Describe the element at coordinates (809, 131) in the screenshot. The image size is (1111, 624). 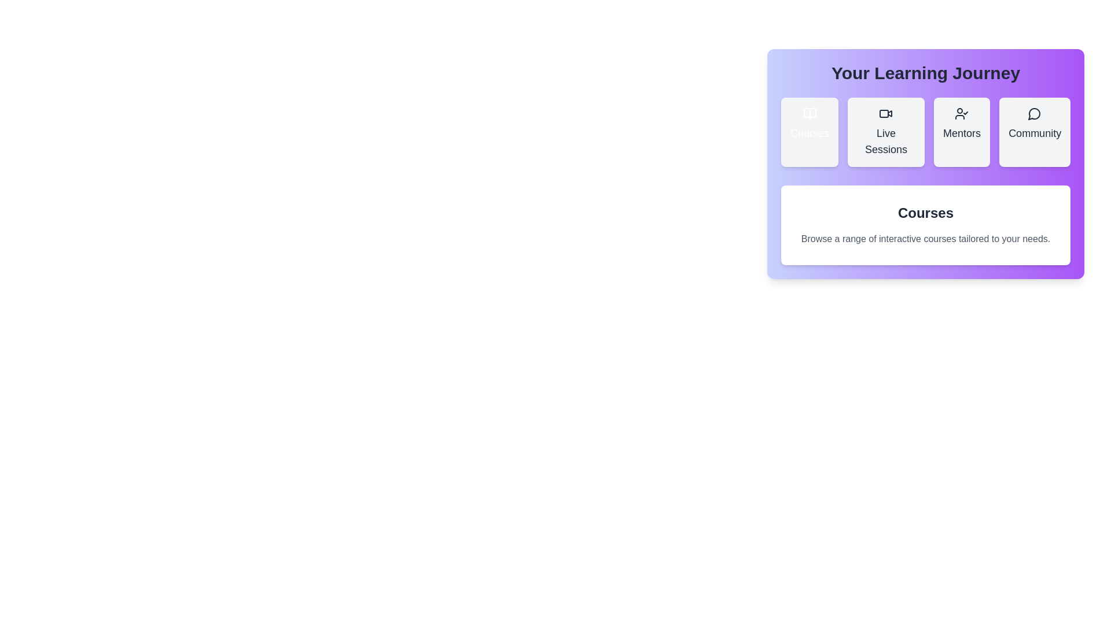
I see `the tab with title Courses to inspect its icon and title` at that location.